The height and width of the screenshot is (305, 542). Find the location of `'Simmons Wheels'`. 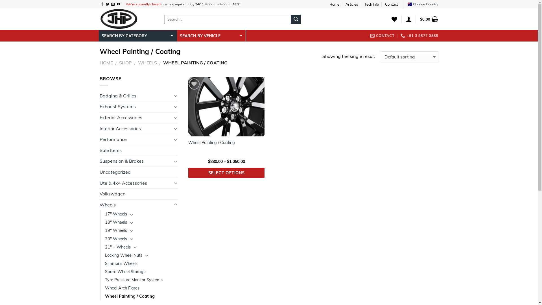

'Simmons Wheels' is located at coordinates (121, 263).